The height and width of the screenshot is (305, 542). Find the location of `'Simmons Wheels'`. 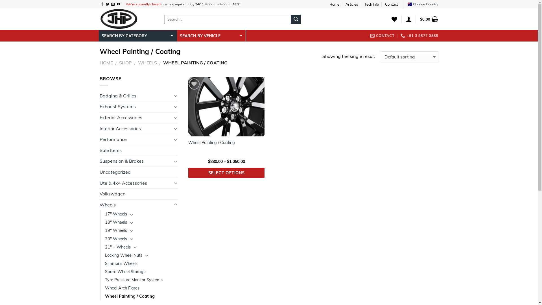

'Simmons Wheels' is located at coordinates (121, 263).